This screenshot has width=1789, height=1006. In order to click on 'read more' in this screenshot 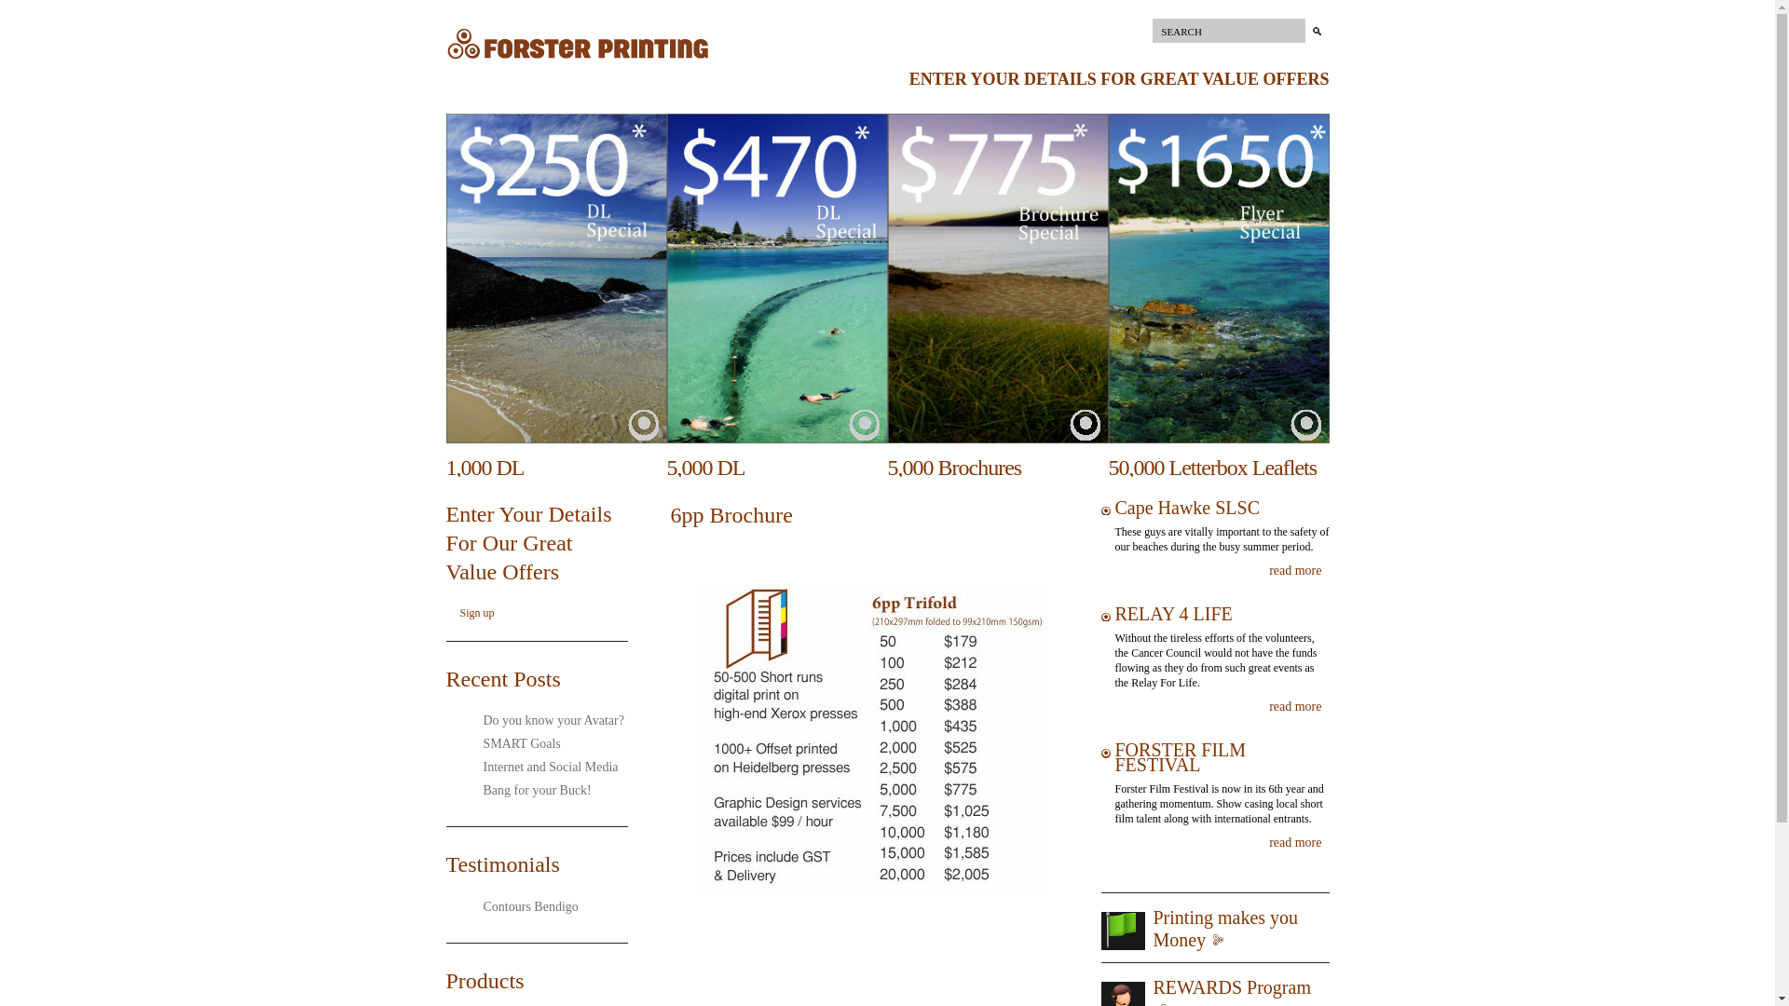, I will do `click(1268, 707)`.